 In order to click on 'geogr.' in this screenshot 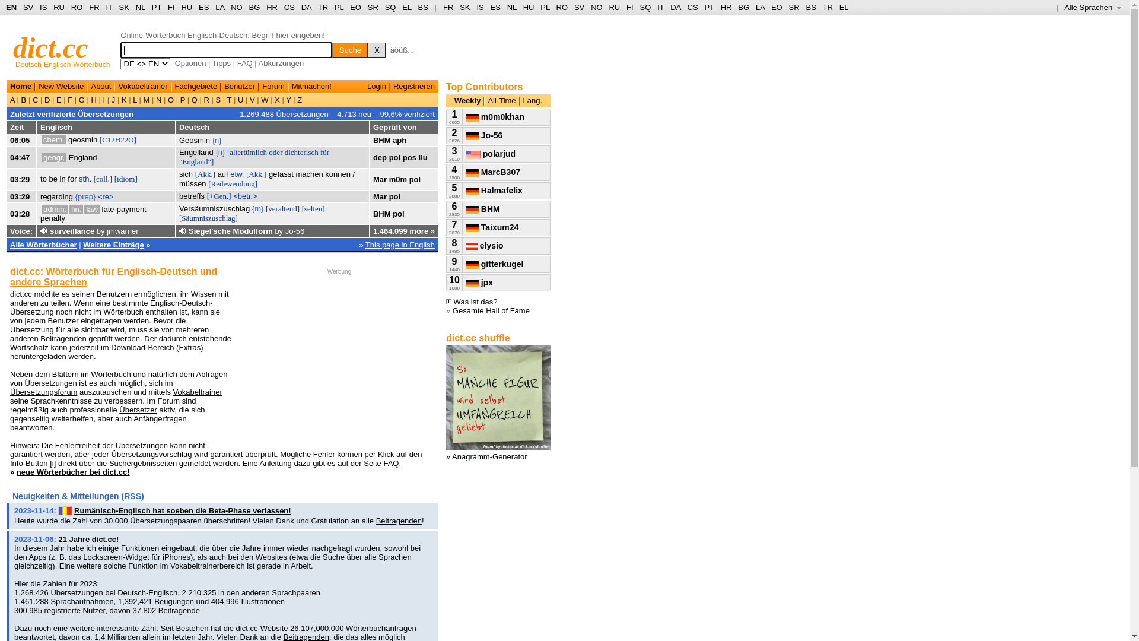, I will do `click(53, 157)`.